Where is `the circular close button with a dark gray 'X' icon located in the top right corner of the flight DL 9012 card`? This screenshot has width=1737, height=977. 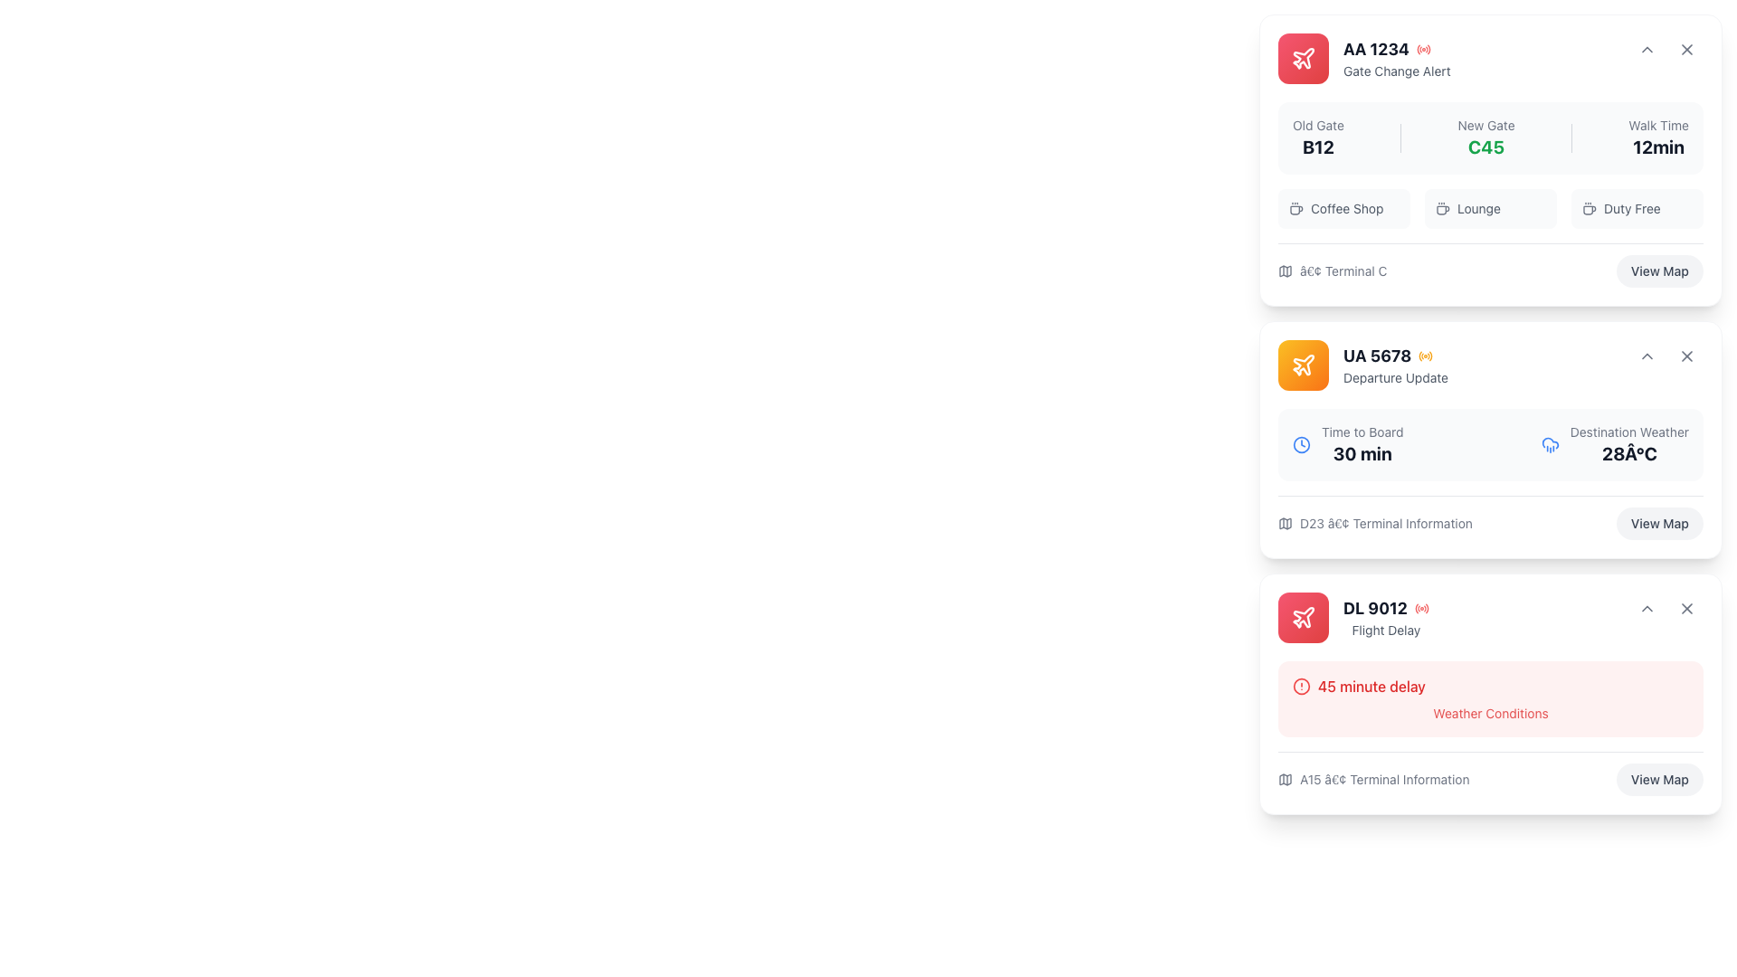 the circular close button with a dark gray 'X' icon located in the top right corner of the flight DL 9012 card is located at coordinates (1686, 608).